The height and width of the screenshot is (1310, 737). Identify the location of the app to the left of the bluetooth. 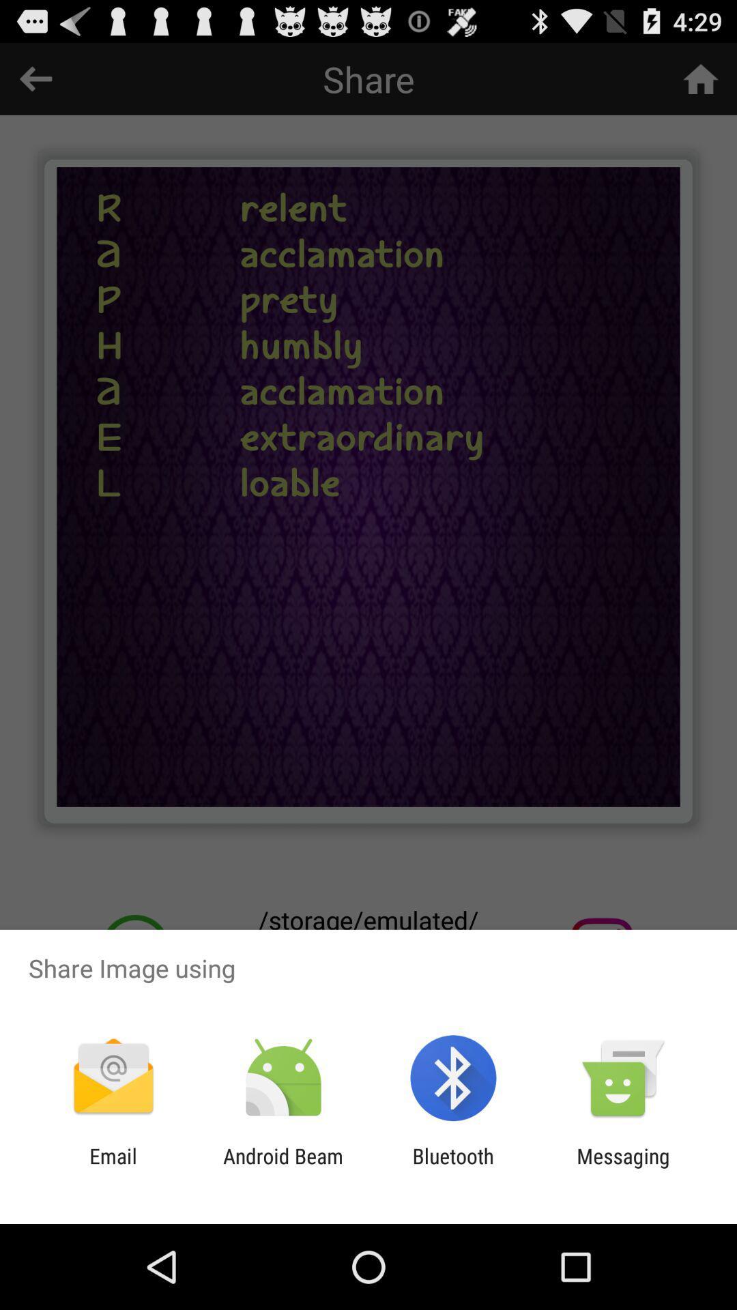
(283, 1167).